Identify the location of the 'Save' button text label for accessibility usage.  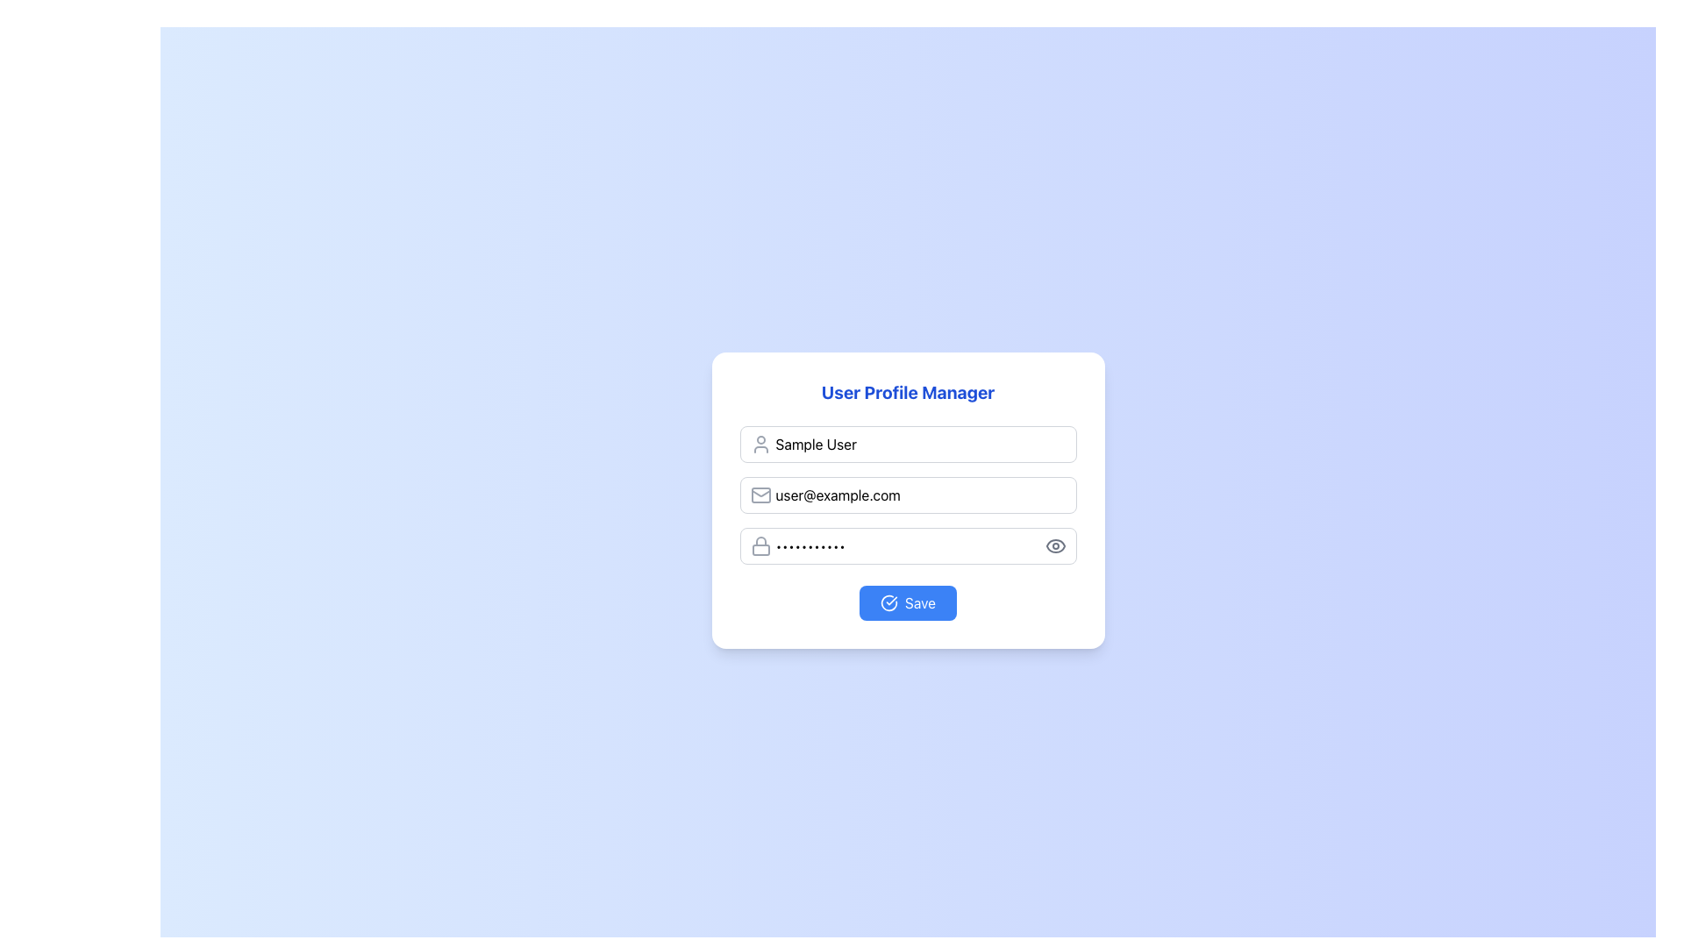
(919, 602).